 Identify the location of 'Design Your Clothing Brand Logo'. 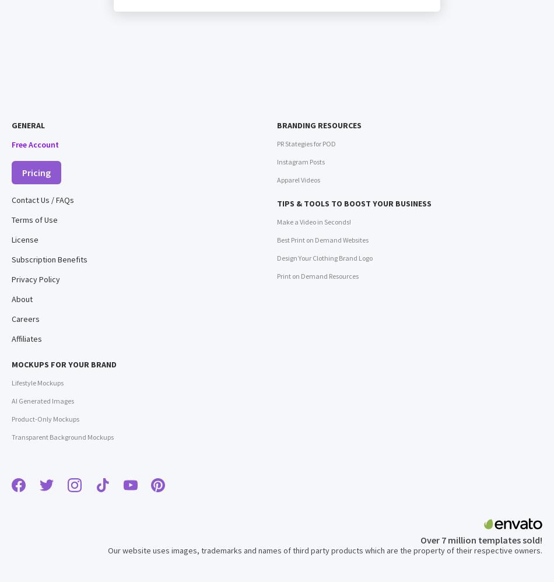
(324, 258).